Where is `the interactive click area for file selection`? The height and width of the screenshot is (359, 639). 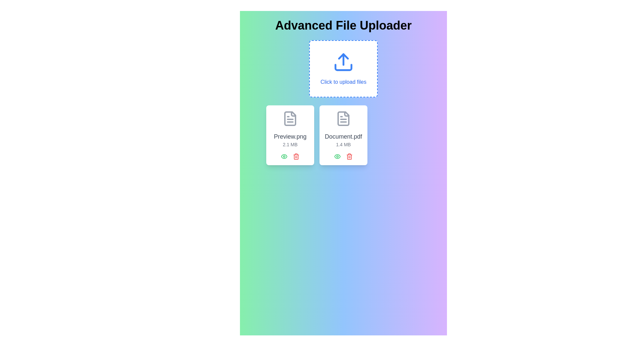
the interactive click area for file selection is located at coordinates (343, 69).